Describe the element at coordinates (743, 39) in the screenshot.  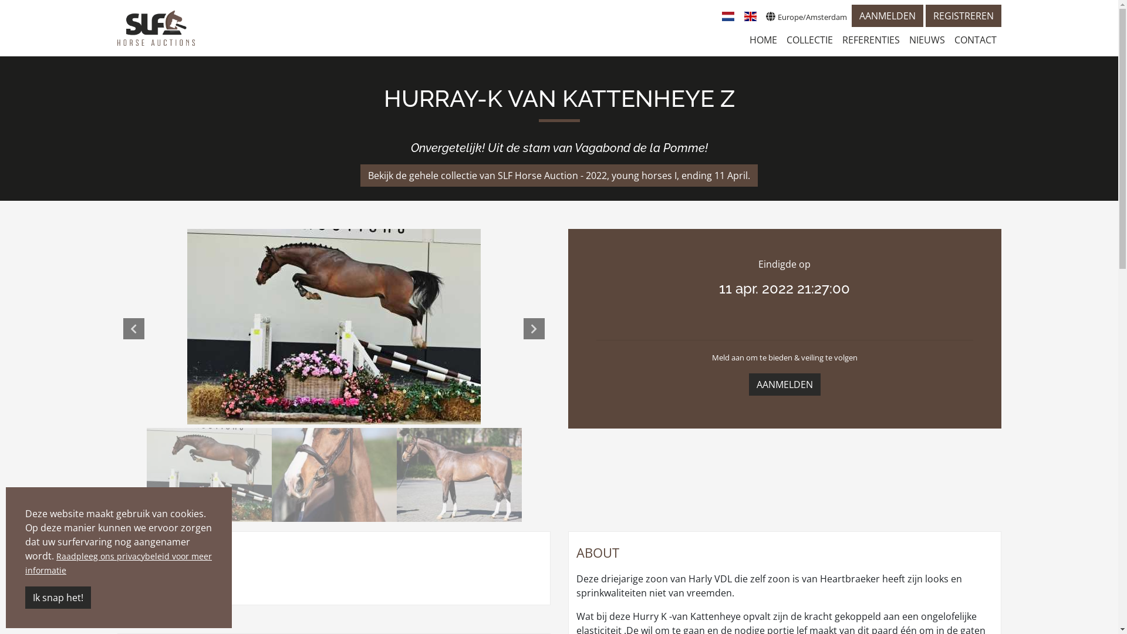
I see `'HOME'` at that location.